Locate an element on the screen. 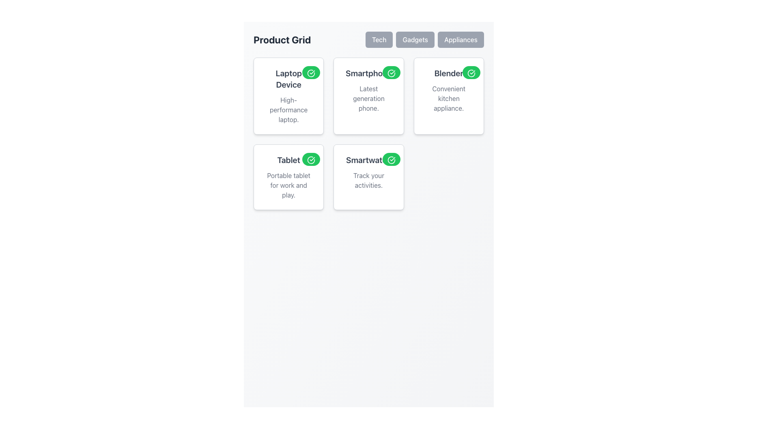  the green button with a white text and a checkmark icon located at the top-right corner of the 'Smartphone' card is located at coordinates (391, 72).